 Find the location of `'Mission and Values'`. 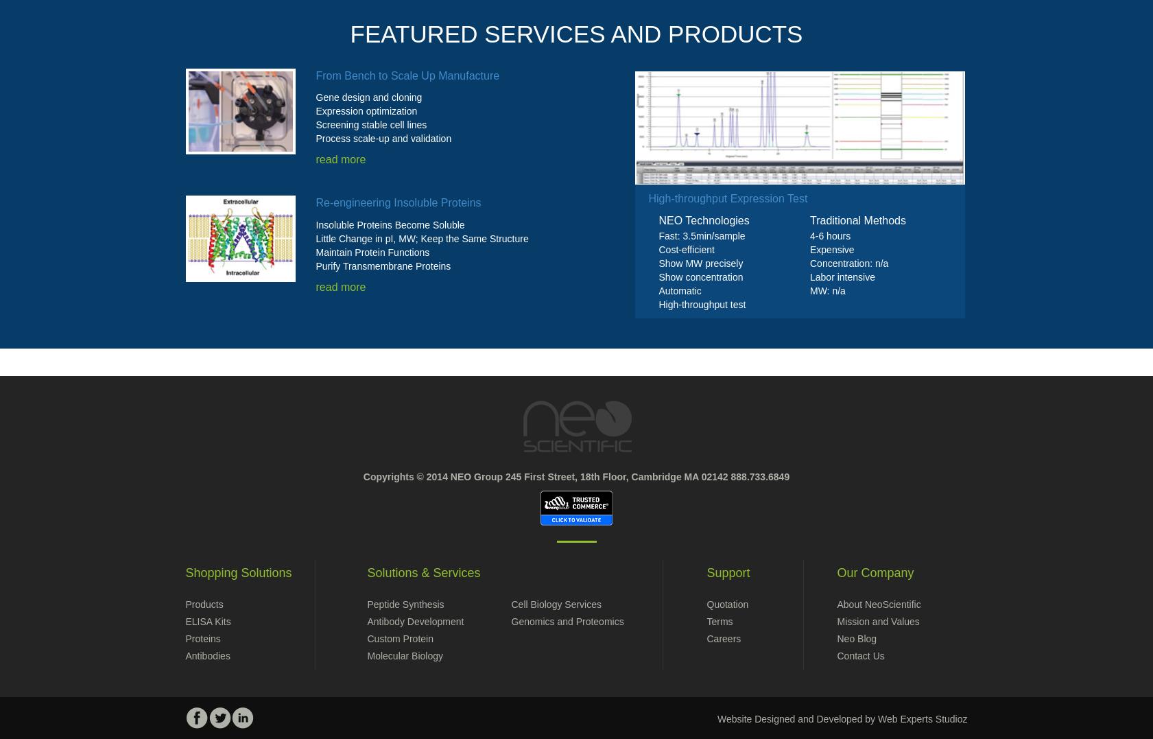

'Mission and Values' is located at coordinates (878, 621).